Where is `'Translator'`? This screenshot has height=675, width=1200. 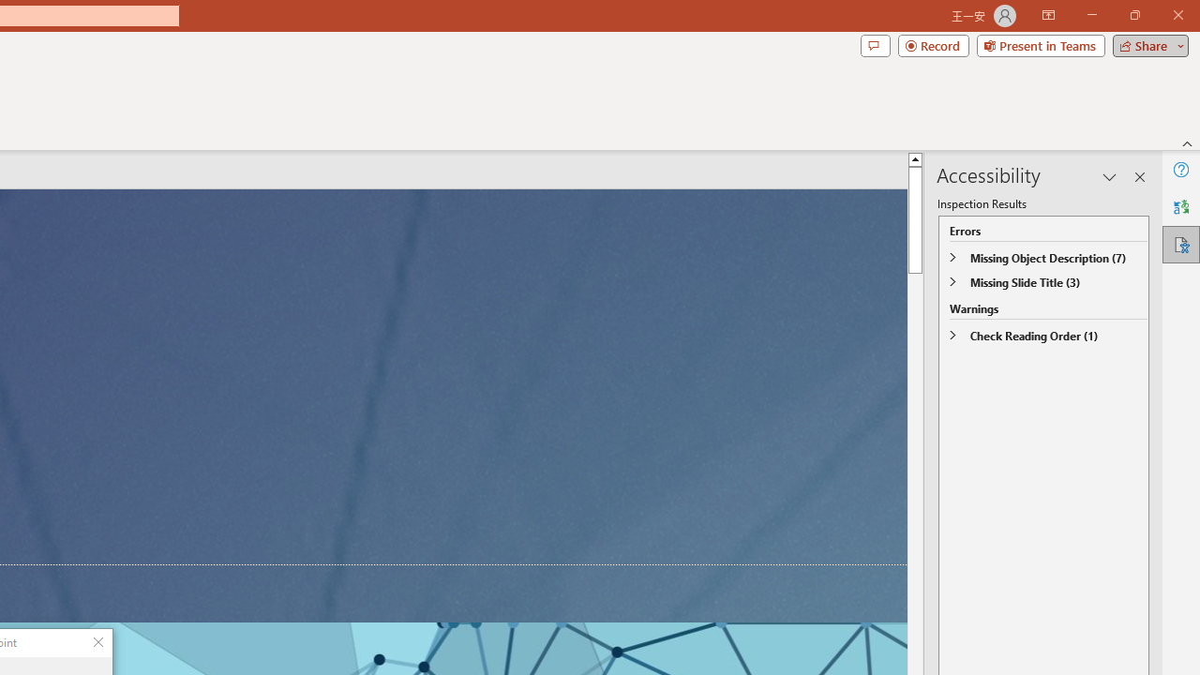 'Translator' is located at coordinates (1180, 207).